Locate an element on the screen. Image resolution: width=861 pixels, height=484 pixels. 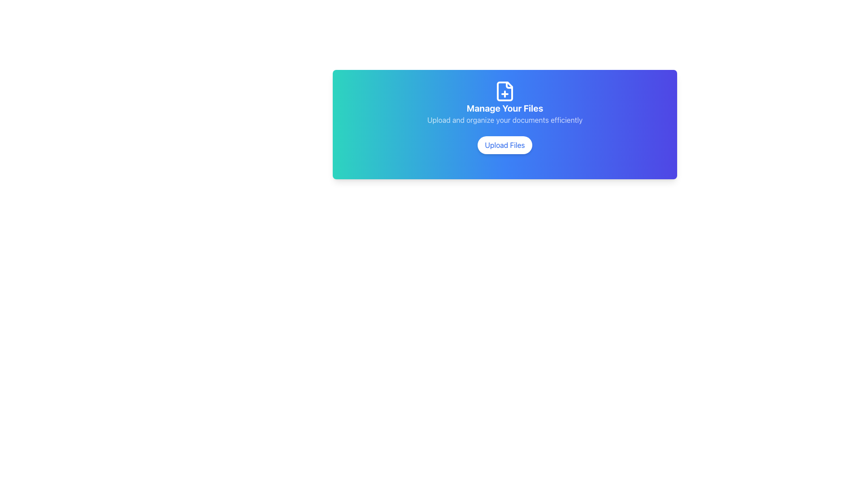
the document icon with a plus symbol, which is a square-shaped element centered above the text 'Manage Your Files' is located at coordinates (505, 91).